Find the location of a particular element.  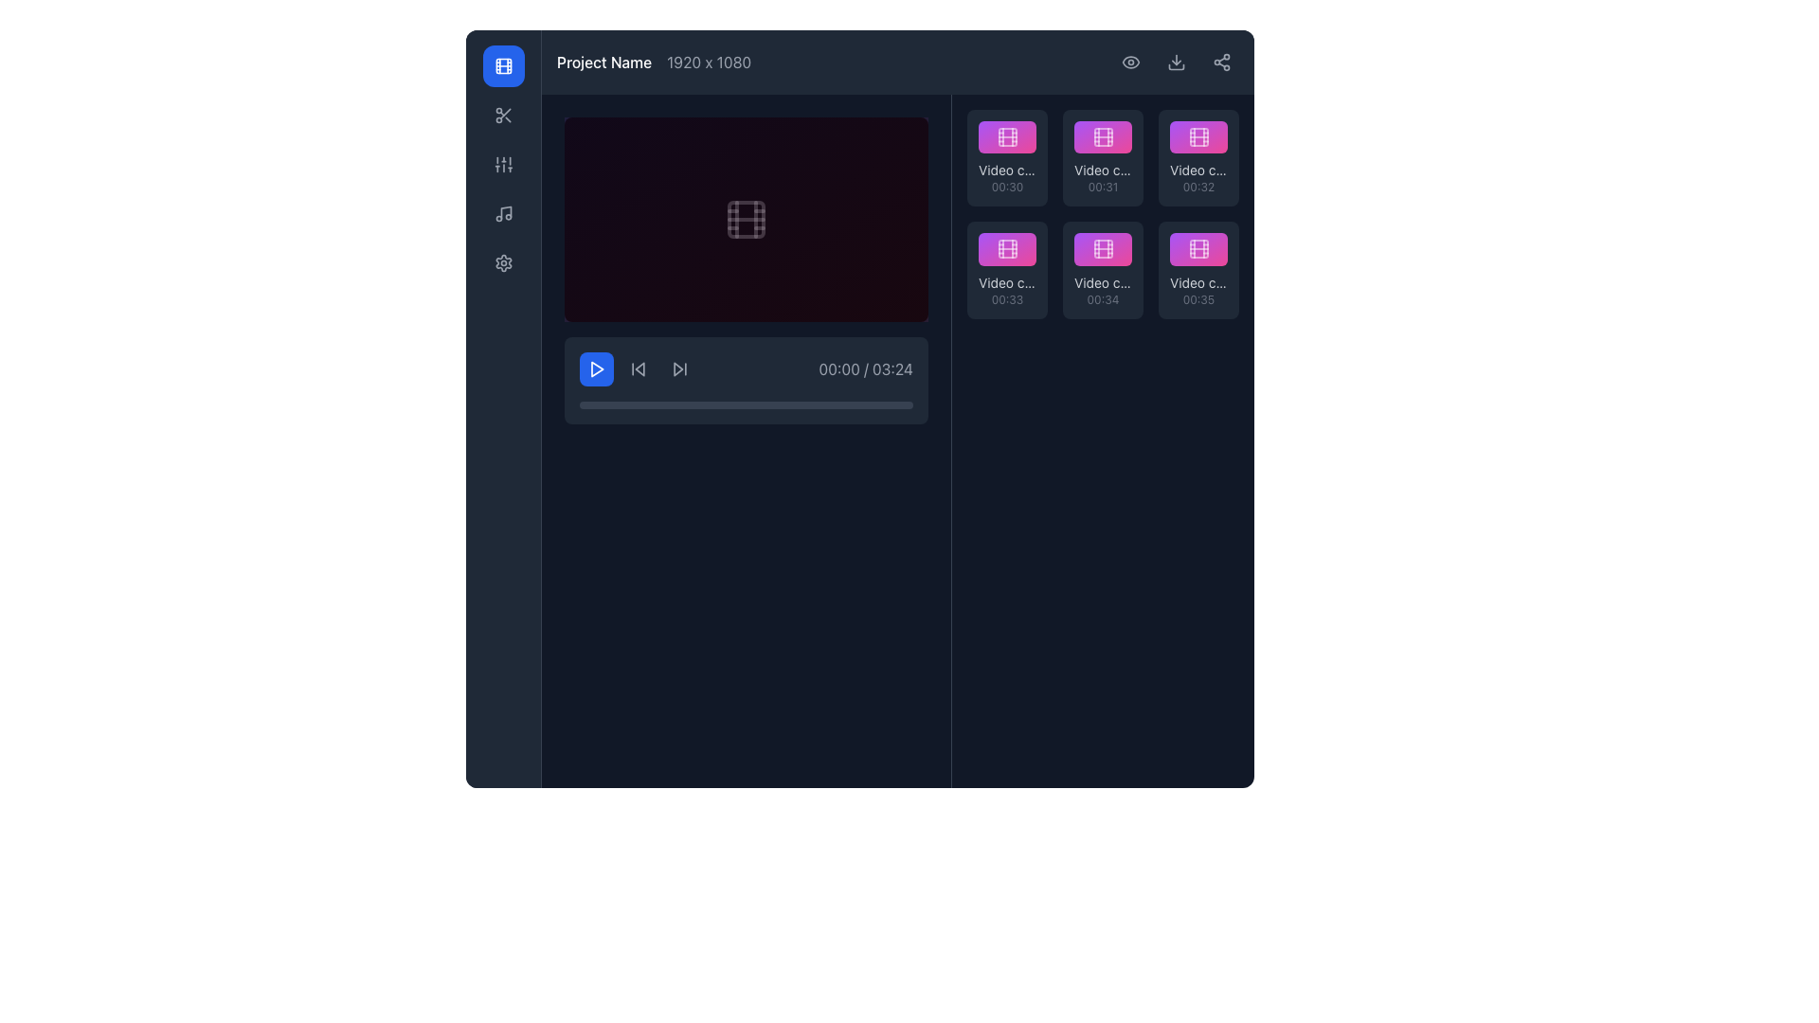

the vector graphic representing a film reel icon located in the top-left corner of the interface for accessibility purposes is located at coordinates (503, 64).